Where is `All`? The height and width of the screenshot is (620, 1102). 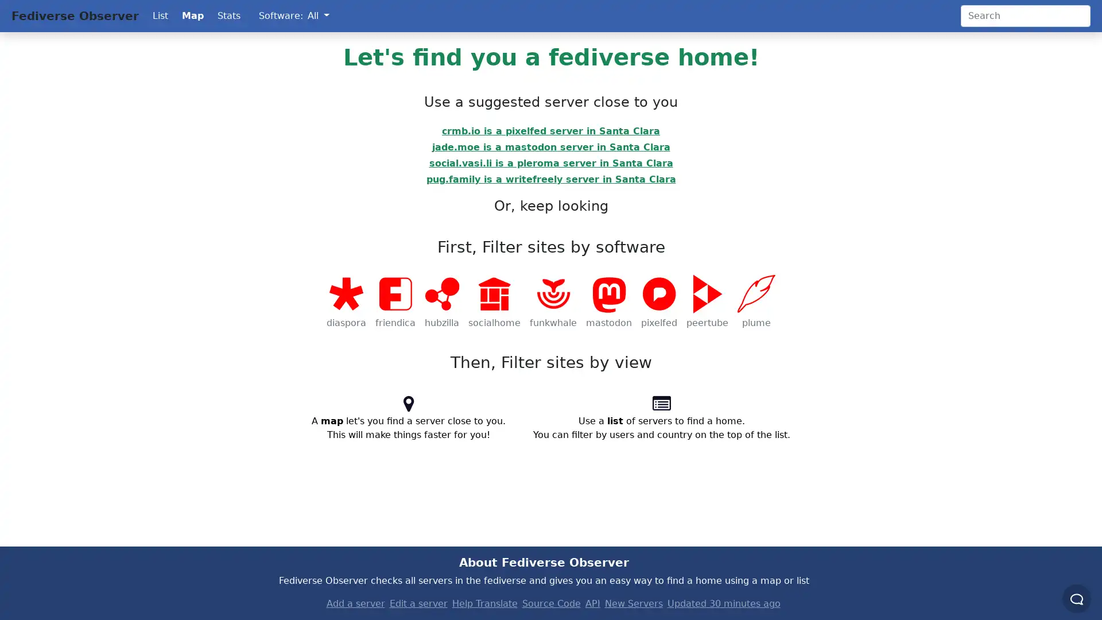
All is located at coordinates (318, 15).